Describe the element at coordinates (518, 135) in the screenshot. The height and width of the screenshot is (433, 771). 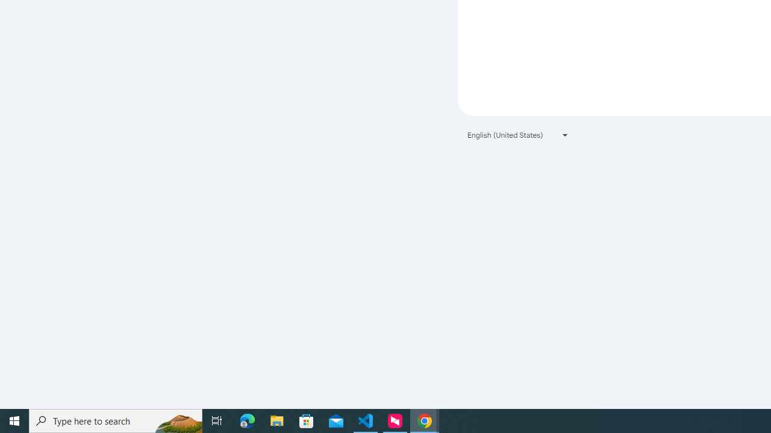
I see `'English (United States)'` at that location.